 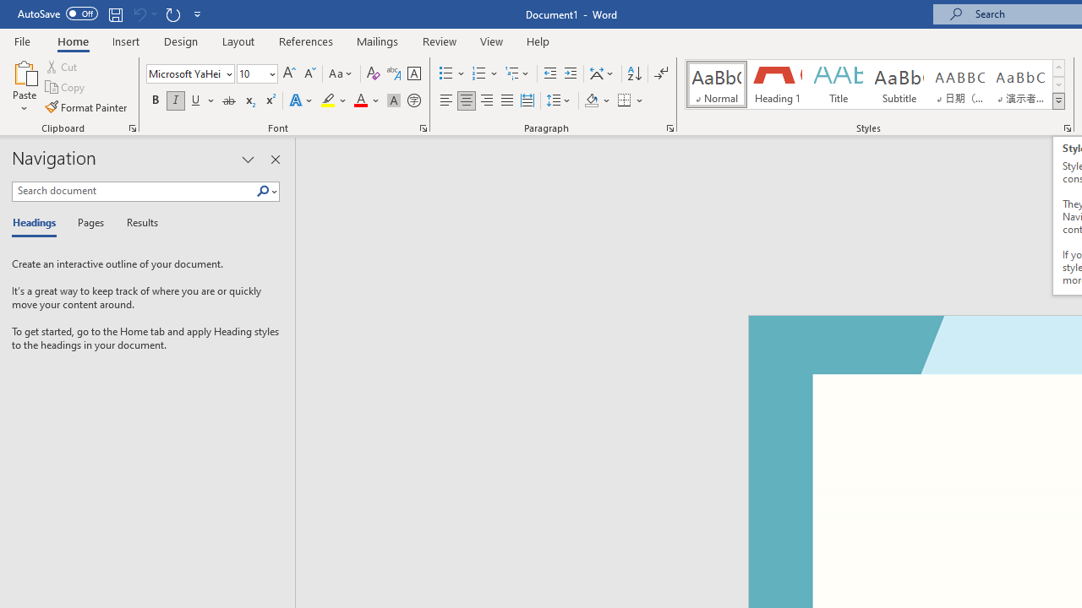 What do you see at coordinates (424, 127) in the screenshot?
I see `'Font...'` at bounding box center [424, 127].